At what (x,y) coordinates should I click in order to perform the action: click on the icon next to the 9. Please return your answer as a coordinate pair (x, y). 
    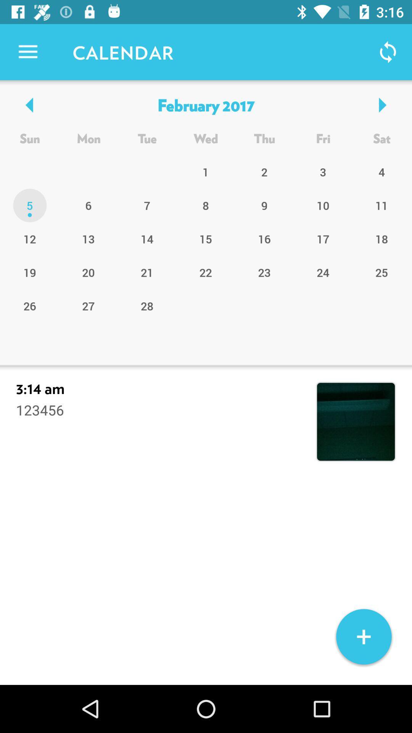
    Looking at the image, I should click on (205, 238).